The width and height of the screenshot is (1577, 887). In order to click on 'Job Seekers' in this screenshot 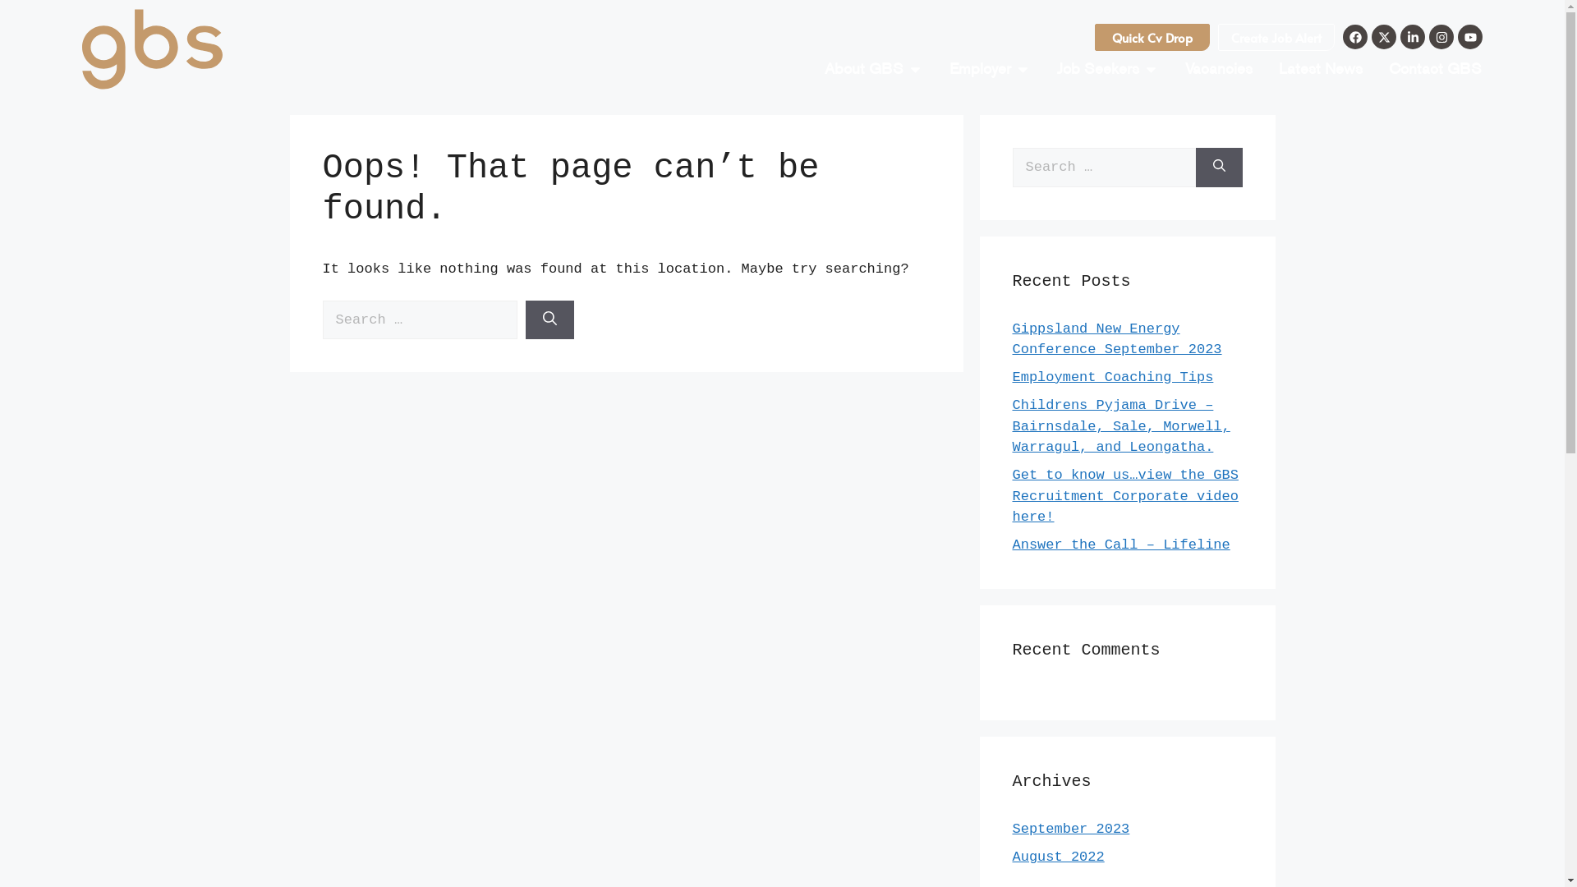, I will do `click(1098, 68)`.